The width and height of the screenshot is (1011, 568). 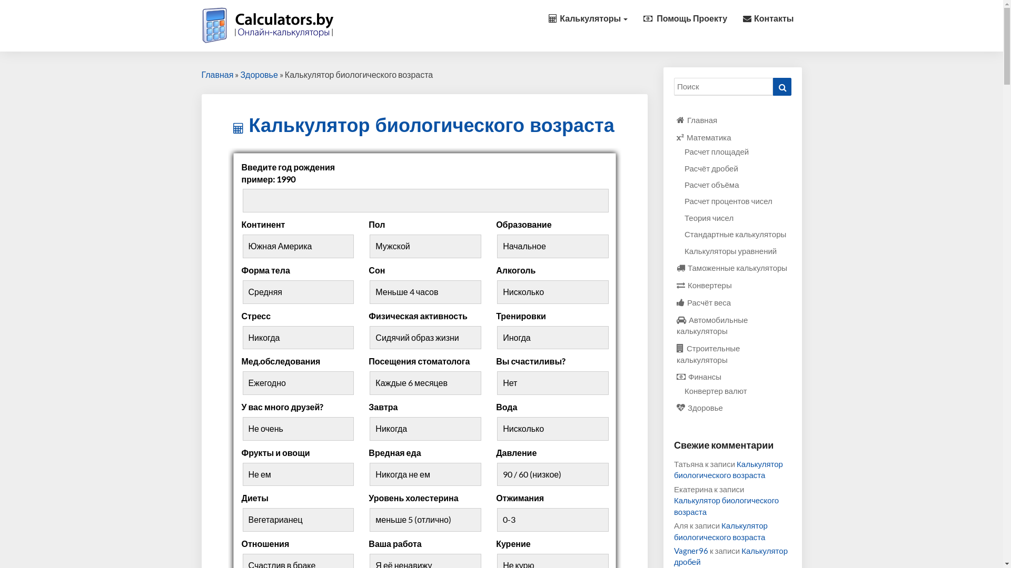 I want to click on 'Vagner96', so click(x=674, y=550).